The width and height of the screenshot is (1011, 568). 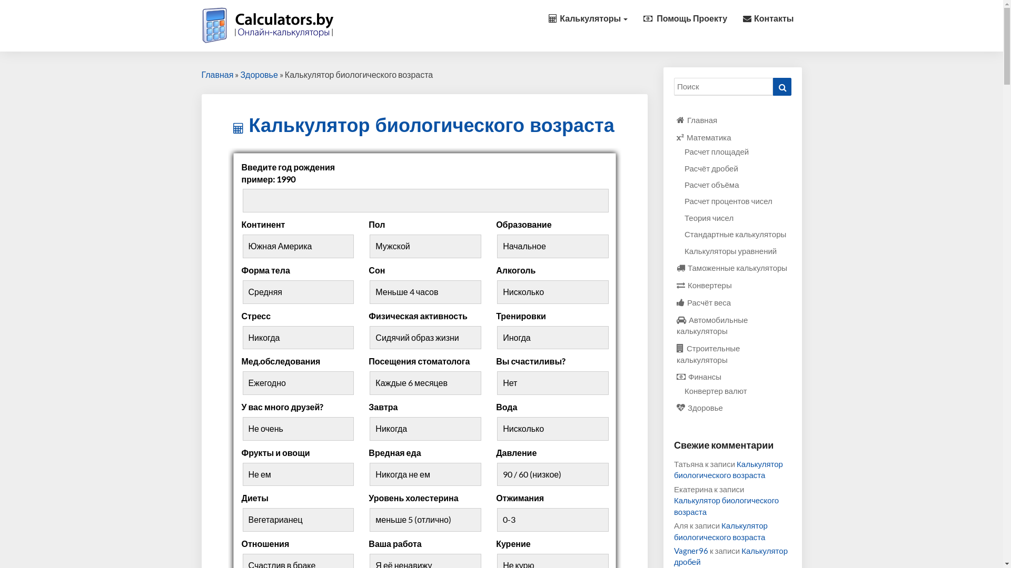 I want to click on 'Vagner96', so click(x=674, y=550).